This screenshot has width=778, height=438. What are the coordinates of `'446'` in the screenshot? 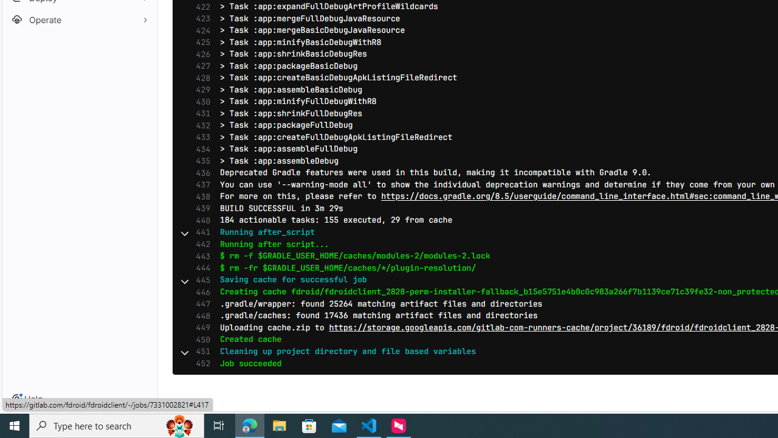 It's located at (200, 292).